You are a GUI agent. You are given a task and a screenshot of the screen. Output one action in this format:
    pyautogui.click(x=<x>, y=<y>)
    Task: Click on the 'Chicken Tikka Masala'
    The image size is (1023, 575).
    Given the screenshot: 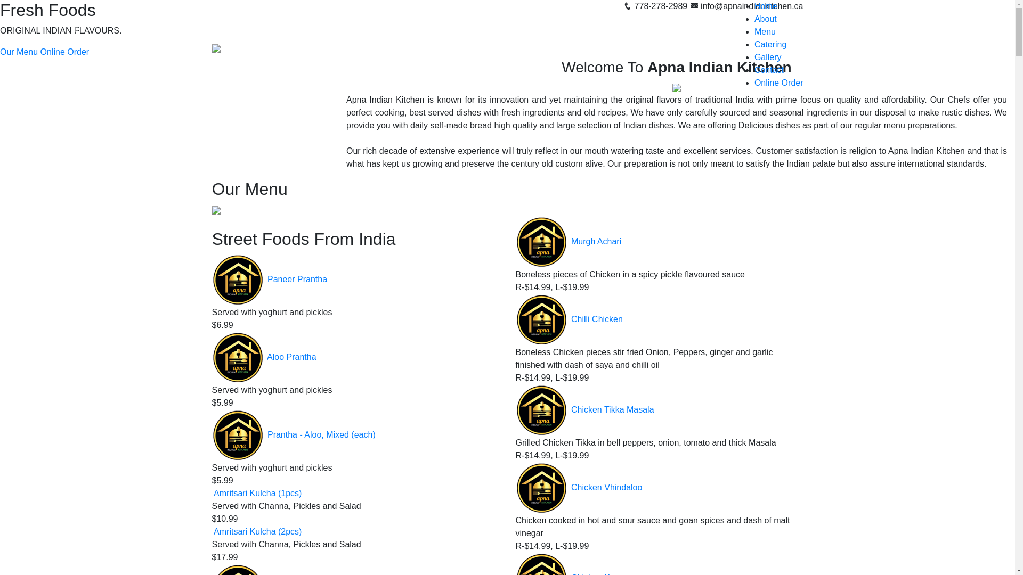 What is the action you would take?
    pyautogui.click(x=613, y=409)
    